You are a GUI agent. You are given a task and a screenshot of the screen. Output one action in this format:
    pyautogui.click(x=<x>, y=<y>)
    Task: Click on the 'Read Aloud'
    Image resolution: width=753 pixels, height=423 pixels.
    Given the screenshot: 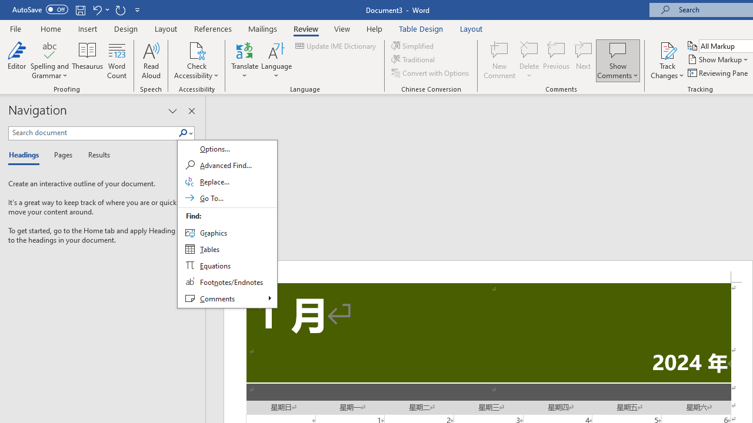 What is the action you would take?
    pyautogui.click(x=150, y=61)
    